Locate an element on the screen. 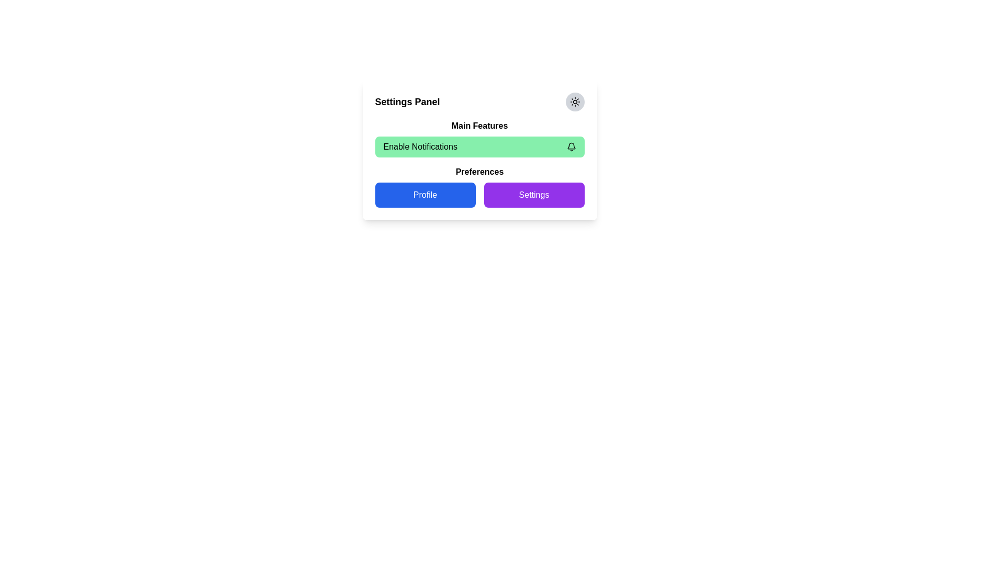 The height and width of the screenshot is (565, 1005). the left button in the Preferences section of the settings panel is located at coordinates (425, 195).